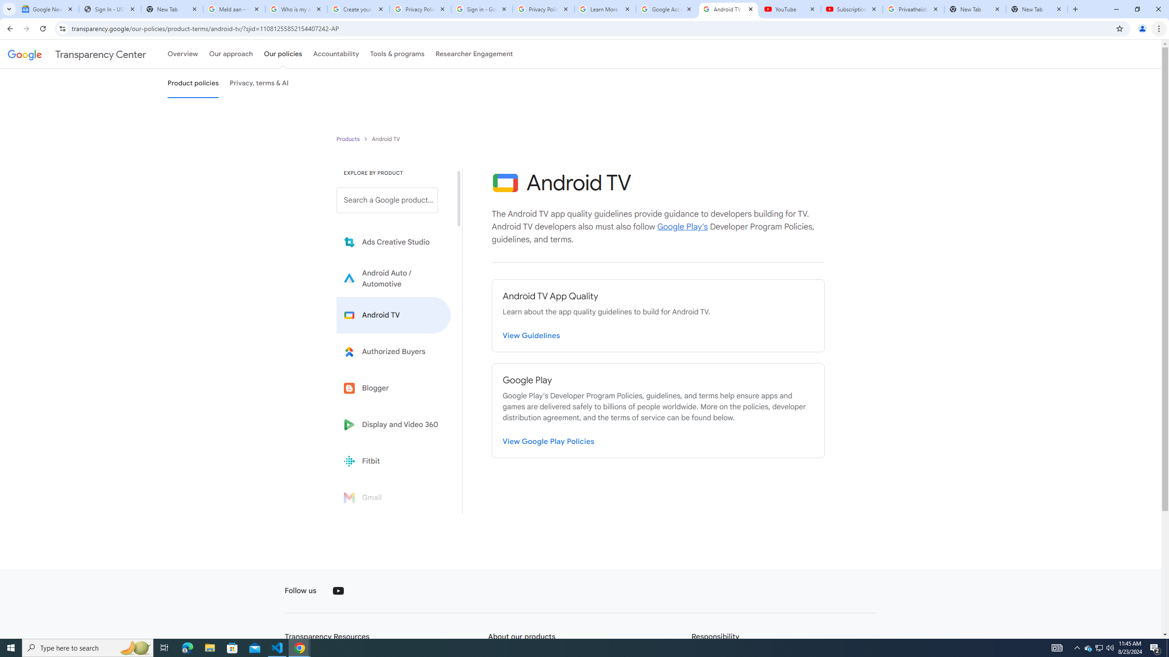  What do you see at coordinates (393, 278) in the screenshot?
I see `'Learn more about Android Auto'` at bounding box center [393, 278].